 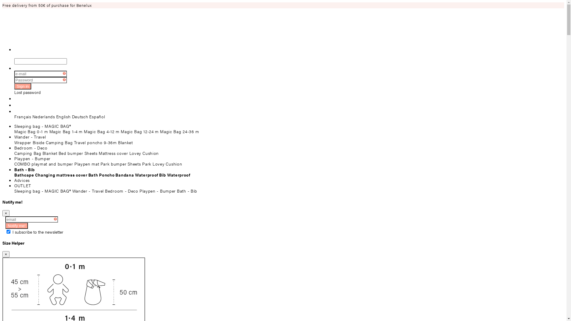 What do you see at coordinates (14, 142) in the screenshot?
I see `'Wrapper Biside'` at bounding box center [14, 142].